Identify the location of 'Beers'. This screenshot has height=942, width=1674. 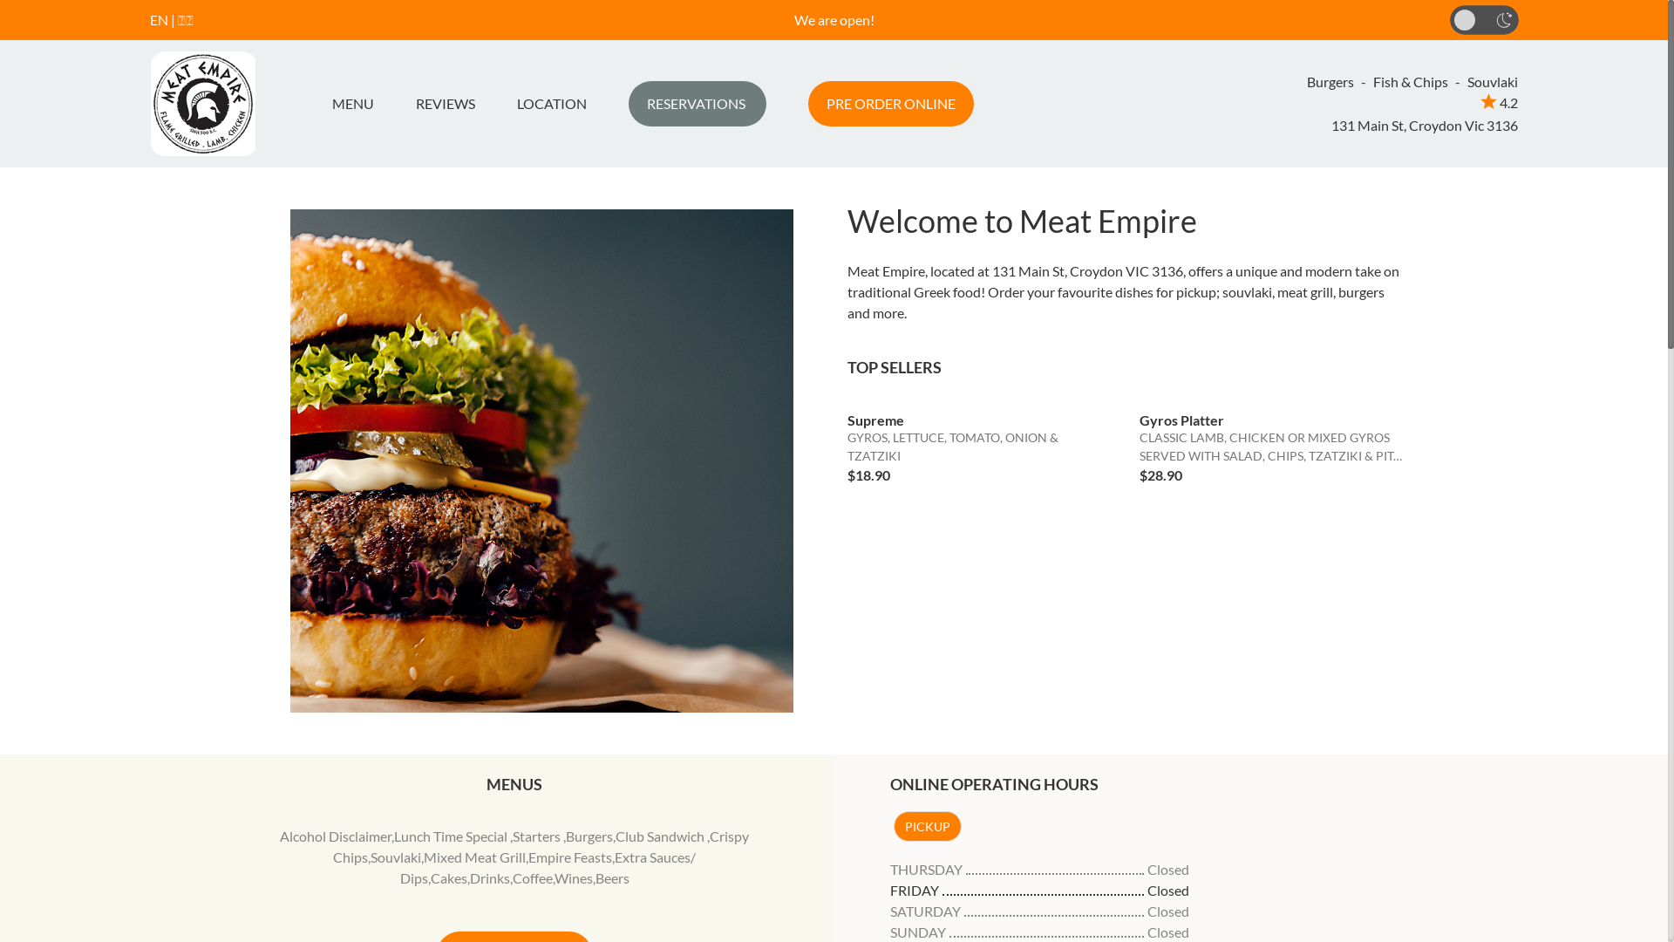
(612, 877).